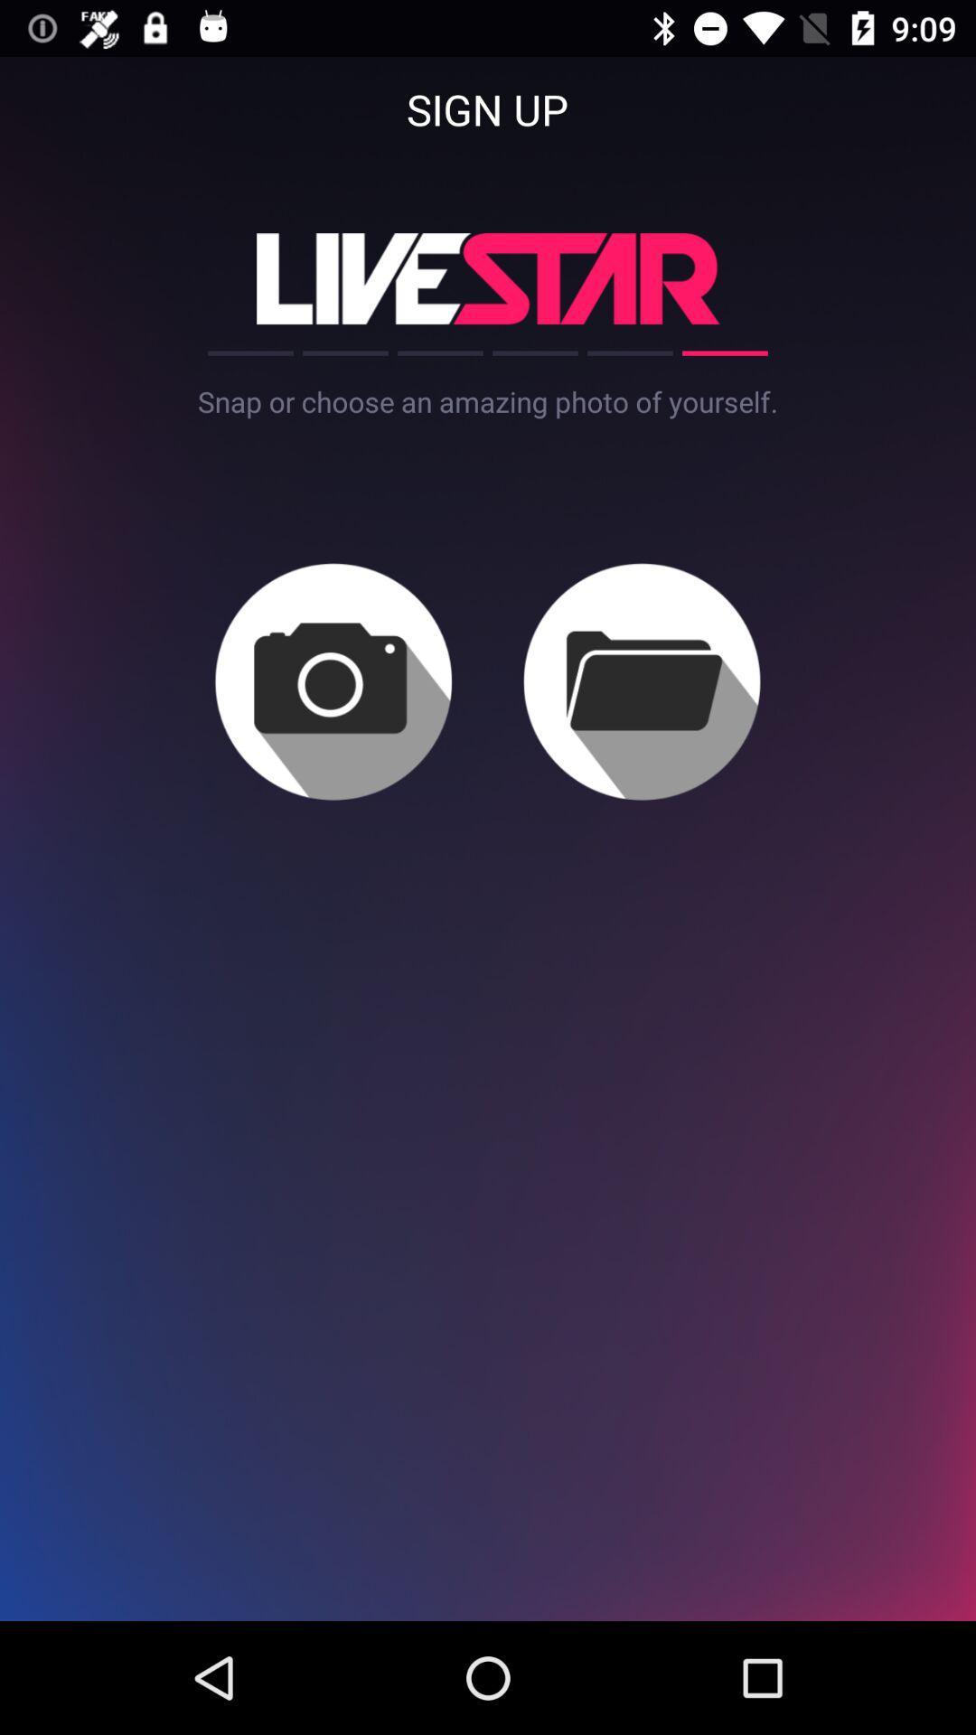 The image size is (976, 1735). What do you see at coordinates (333, 680) in the screenshot?
I see `icon below the snap or choose item` at bounding box center [333, 680].